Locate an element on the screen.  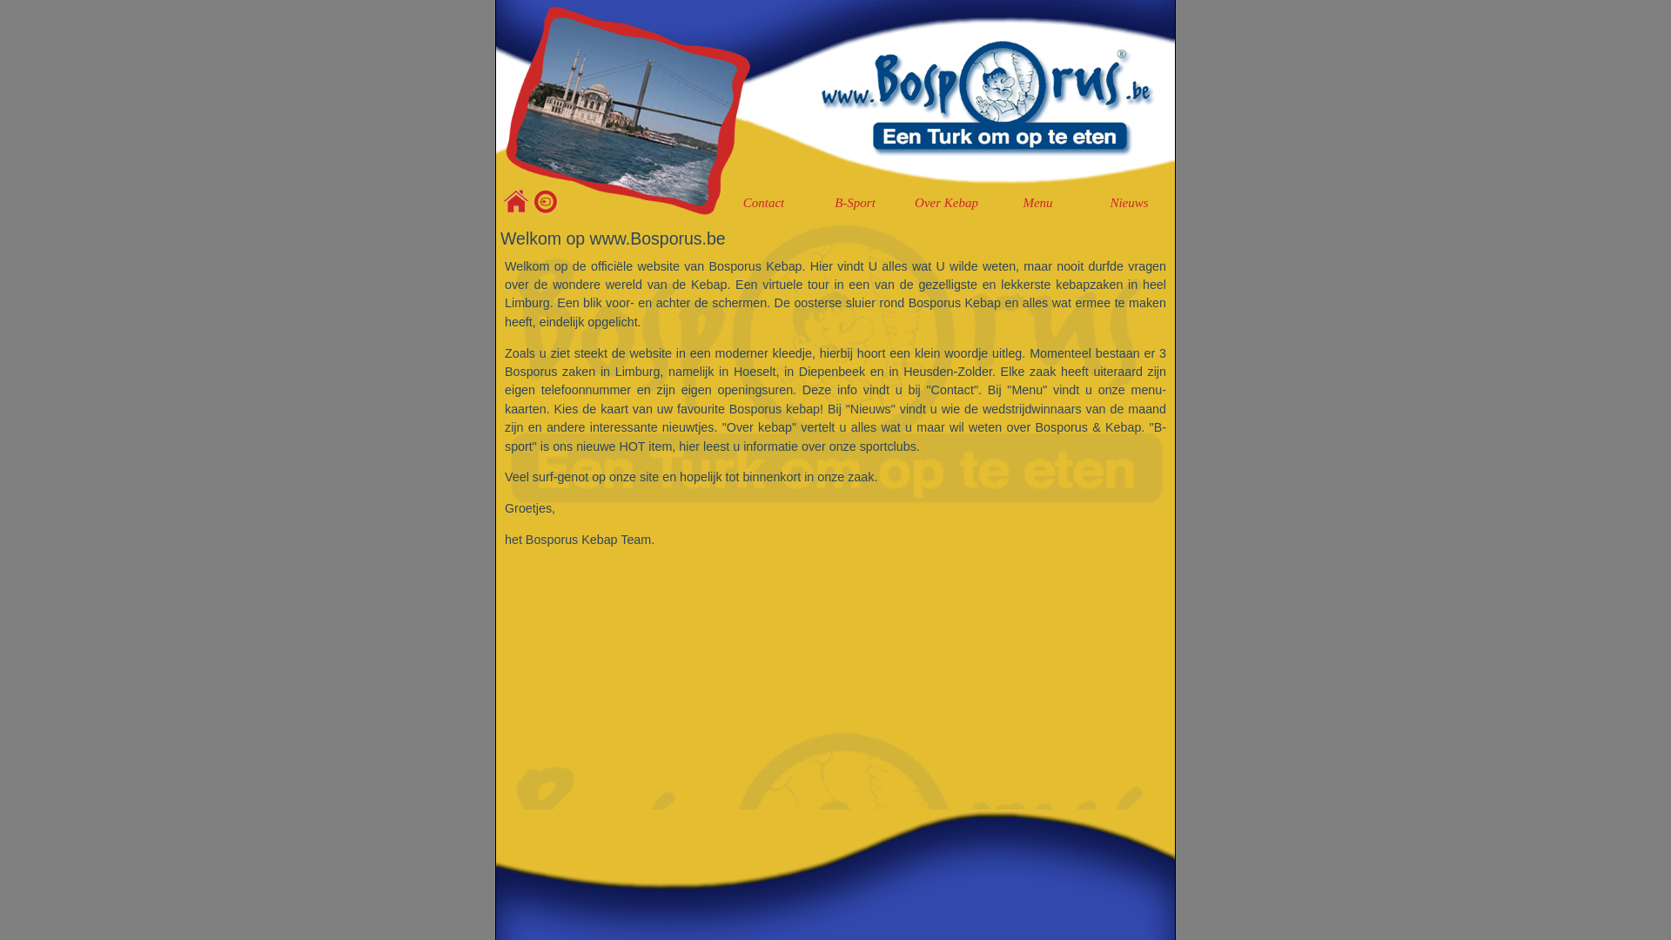
'Contact' is located at coordinates (763, 203).